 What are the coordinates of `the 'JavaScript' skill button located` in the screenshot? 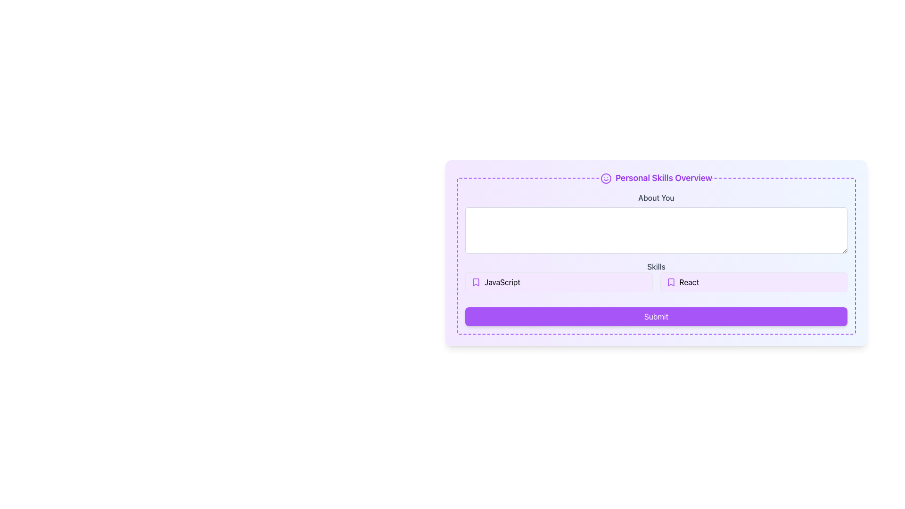 It's located at (559, 281).